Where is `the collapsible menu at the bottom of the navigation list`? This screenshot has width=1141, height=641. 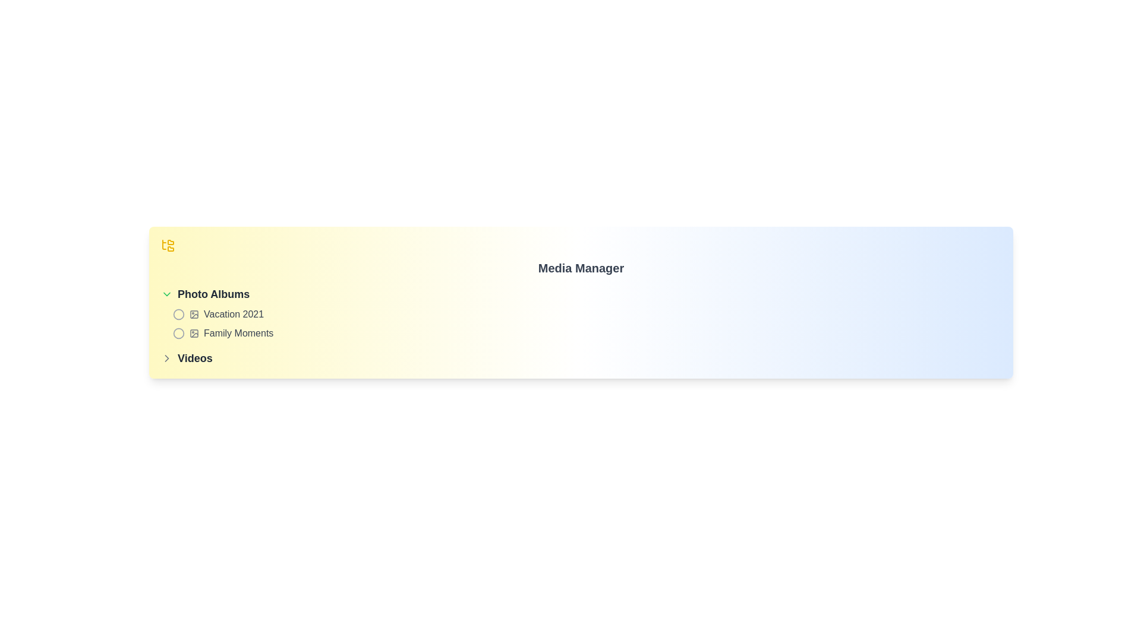 the collapsible menu at the bottom of the navigation list is located at coordinates (581, 358).